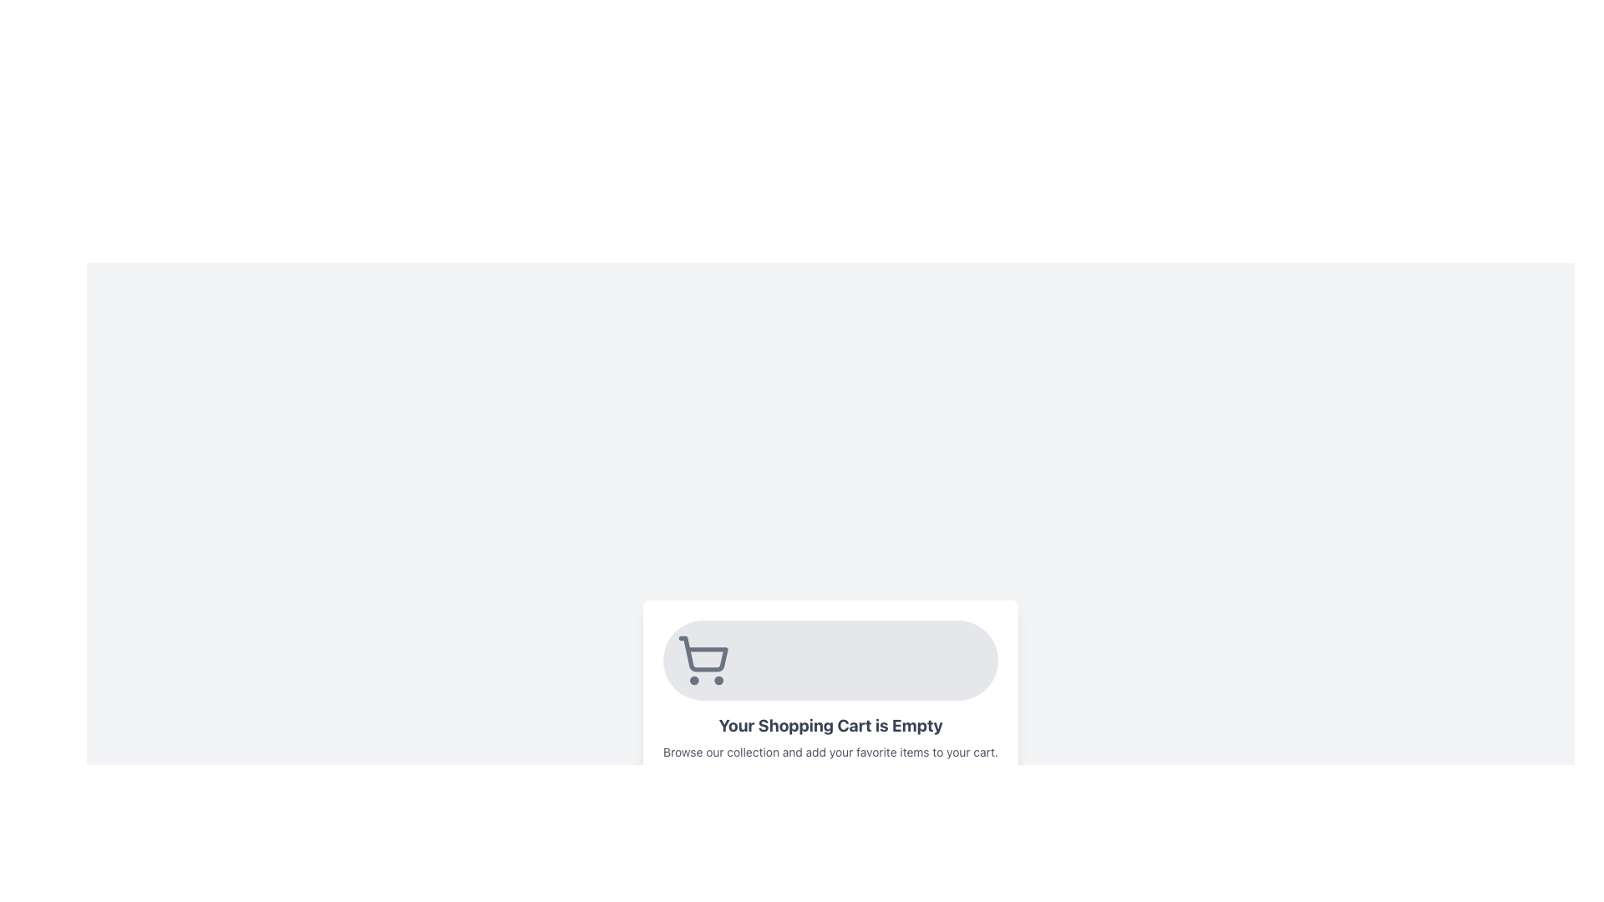  I want to click on the 'Your Shopping Cart is Empty' text label element for accessibility purposes, so click(830, 724).